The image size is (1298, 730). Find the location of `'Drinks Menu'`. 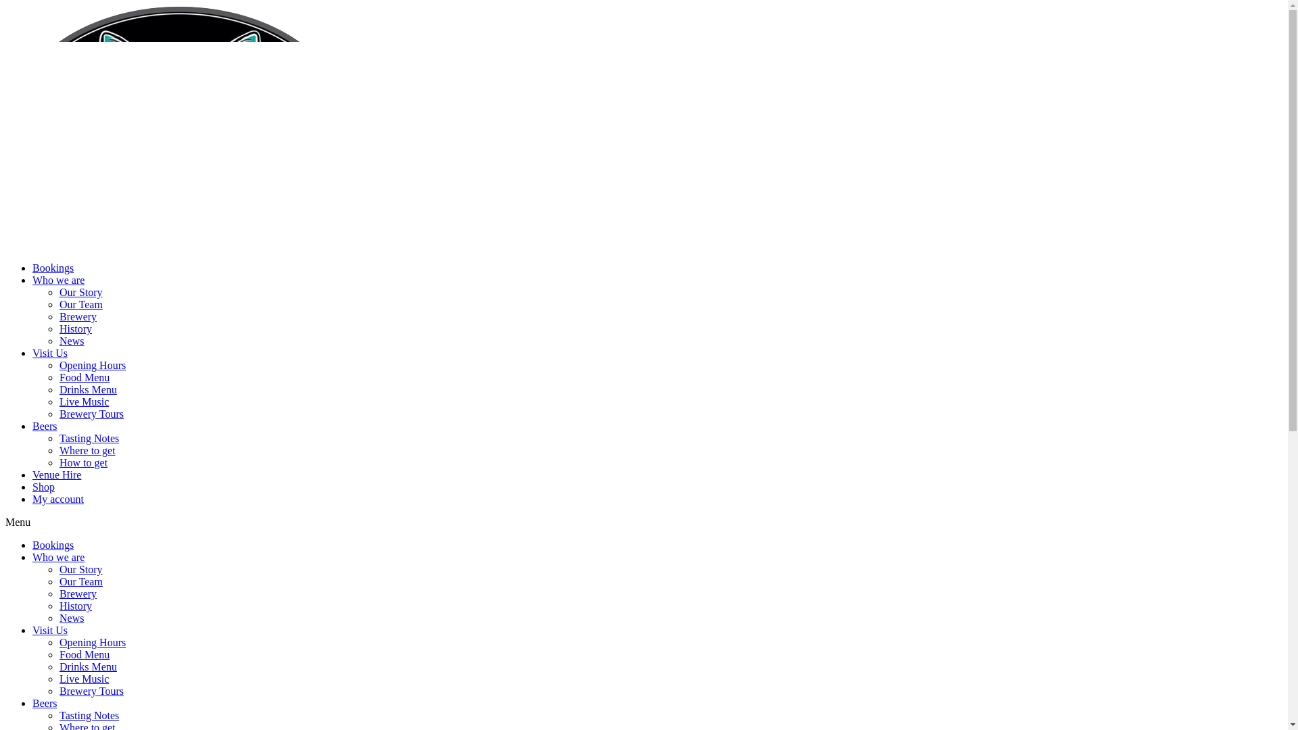

'Drinks Menu' is located at coordinates (87, 389).